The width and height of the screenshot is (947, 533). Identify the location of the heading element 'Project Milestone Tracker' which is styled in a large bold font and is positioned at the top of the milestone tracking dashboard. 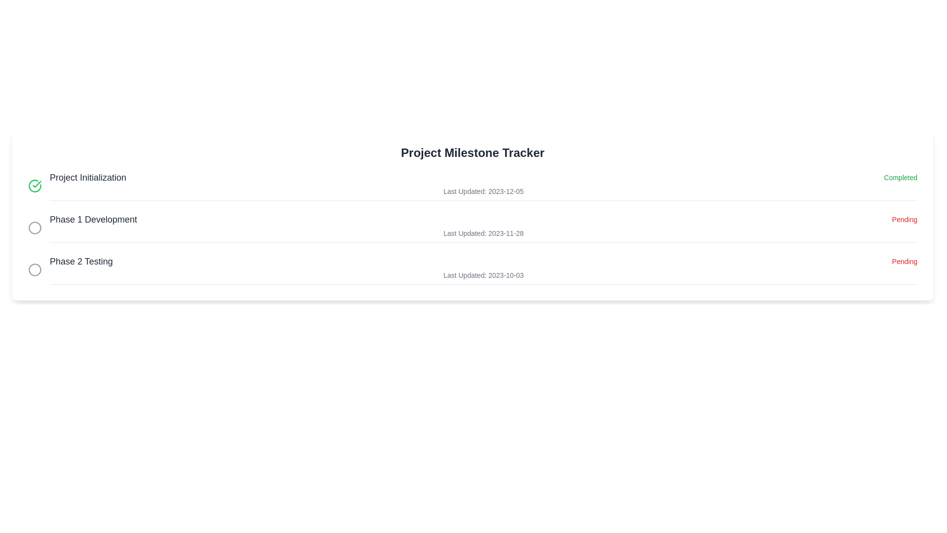
(472, 152).